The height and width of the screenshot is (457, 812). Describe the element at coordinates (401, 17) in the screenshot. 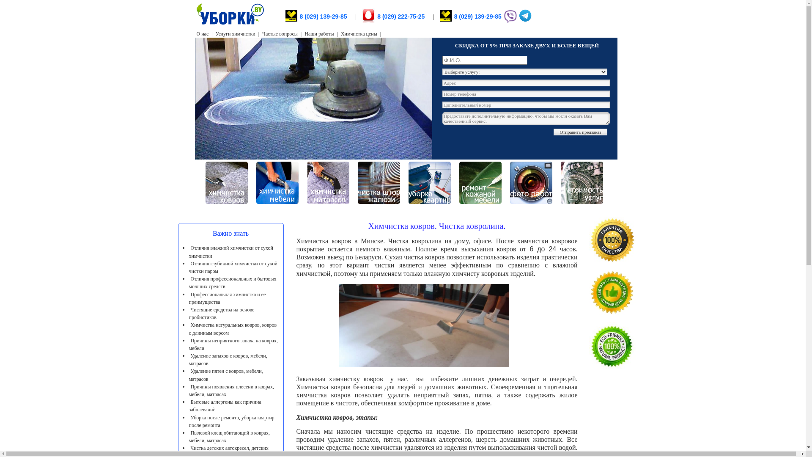

I see `'8 (029) 222-75-25'` at that location.